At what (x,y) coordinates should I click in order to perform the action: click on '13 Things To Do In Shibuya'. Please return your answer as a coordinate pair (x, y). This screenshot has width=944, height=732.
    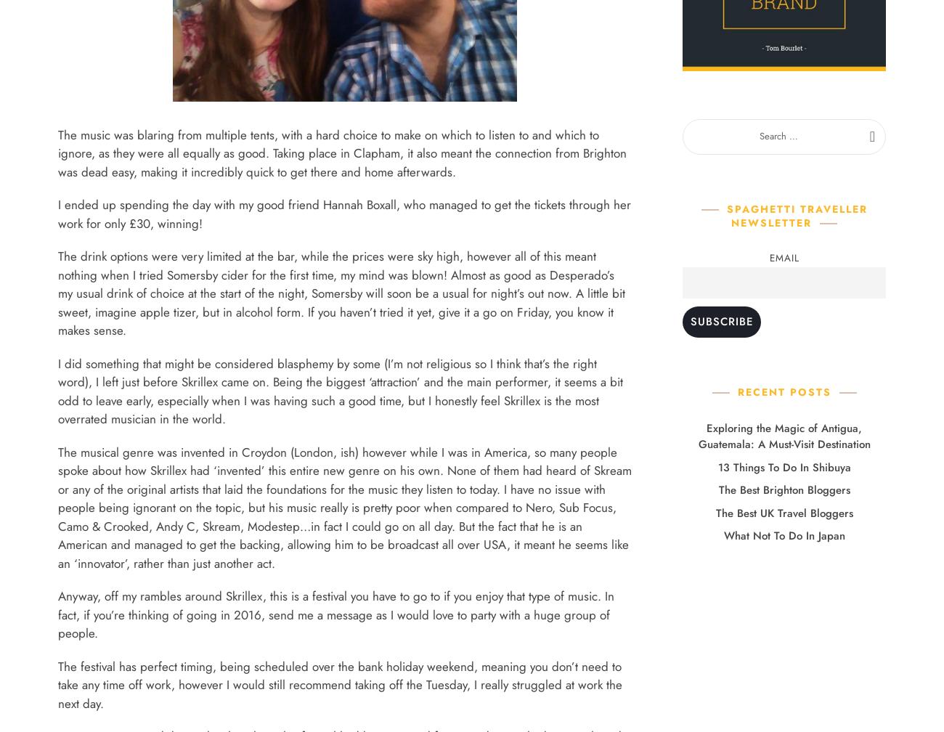
    Looking at the image, I should click on (784, 467).